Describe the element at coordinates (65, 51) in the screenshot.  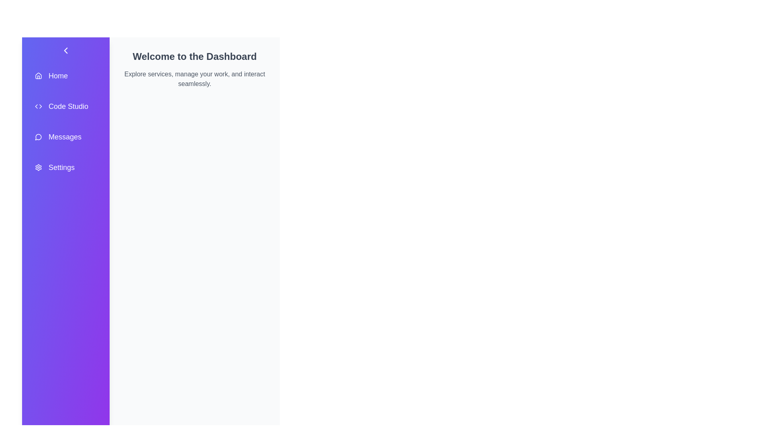
I see `the chevron button to toggle the drawer` at that location.